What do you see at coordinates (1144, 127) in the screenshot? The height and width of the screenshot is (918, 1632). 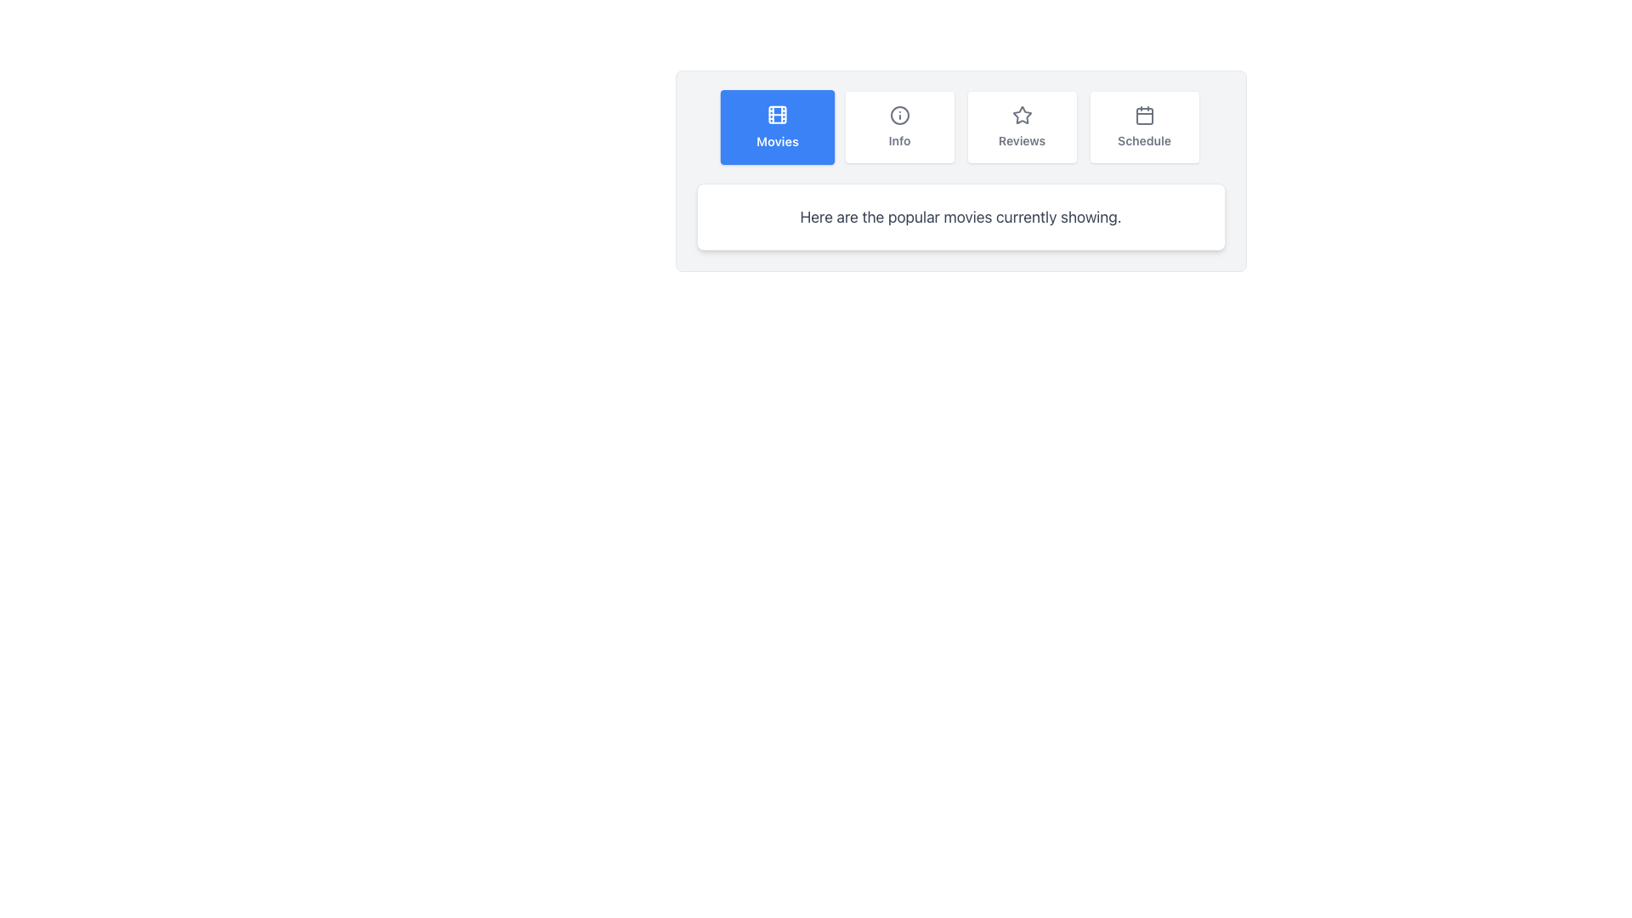 I see `the 'Schedule' button, which is the fourth button in a row of four similar buttons (Movies, Info, Reviews, Schedule)` at bounding box center [1144, 127].